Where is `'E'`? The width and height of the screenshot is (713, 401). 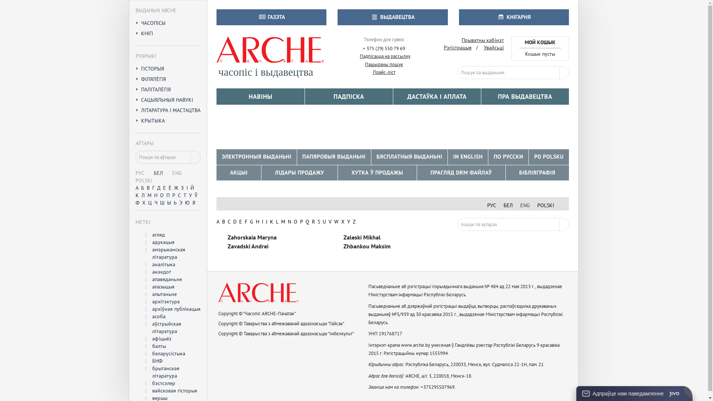 'E' is located at coordinates (241, 221).